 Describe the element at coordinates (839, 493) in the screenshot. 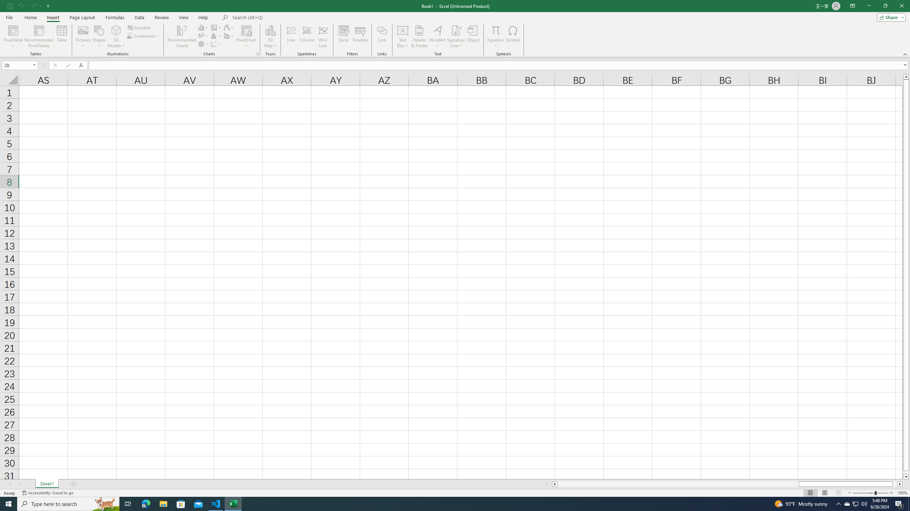

I see `'Page Break Preview'` at that location.